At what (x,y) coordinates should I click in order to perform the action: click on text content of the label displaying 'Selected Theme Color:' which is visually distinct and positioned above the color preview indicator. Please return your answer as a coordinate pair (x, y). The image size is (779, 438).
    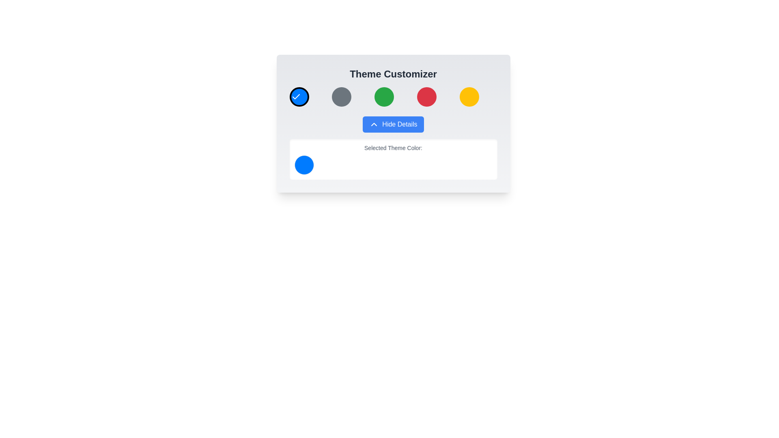
    Looking at the image, I should click on (393, 148).